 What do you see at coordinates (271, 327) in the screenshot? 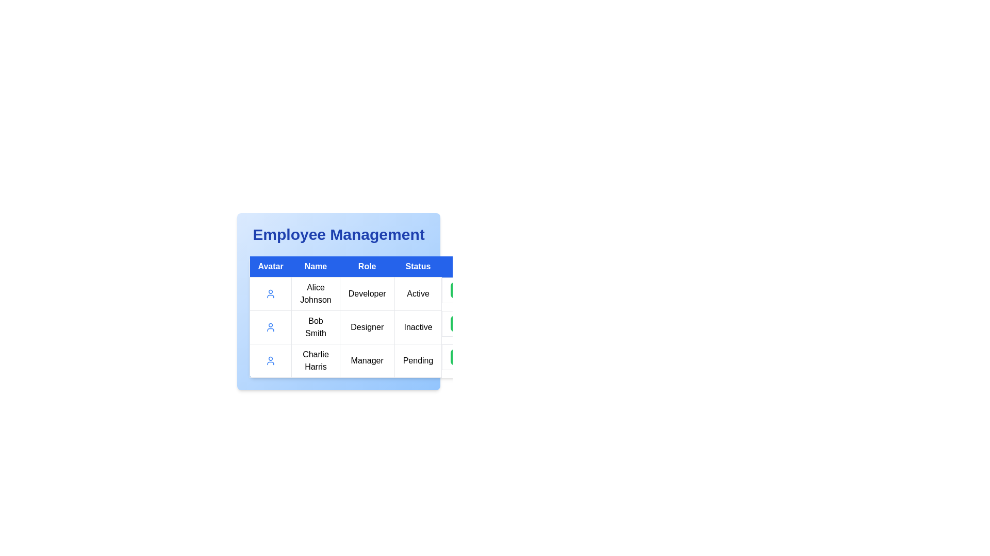
I see `the user avatar icon, which is a blue circular head with a shoulder shape, located in the second row, first column under the 'Avatar' column header, next to the text 'Bob Smith'` at bounding box center [271, 327].